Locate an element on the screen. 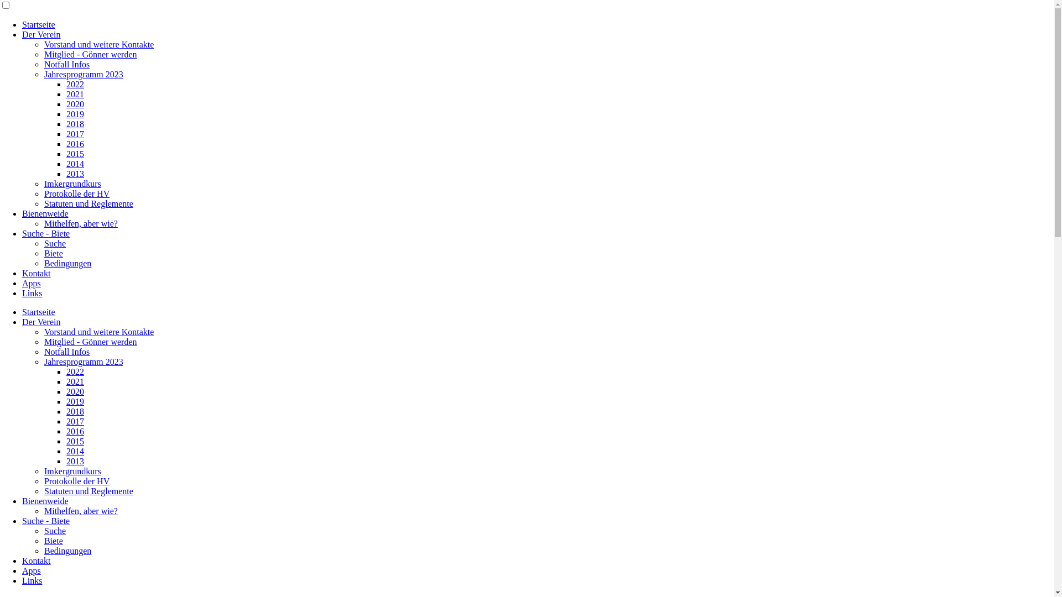 This screenshot has height=597, width=1062. 'Mithelfen, aber wie?' is located at coordinates (80, 511).